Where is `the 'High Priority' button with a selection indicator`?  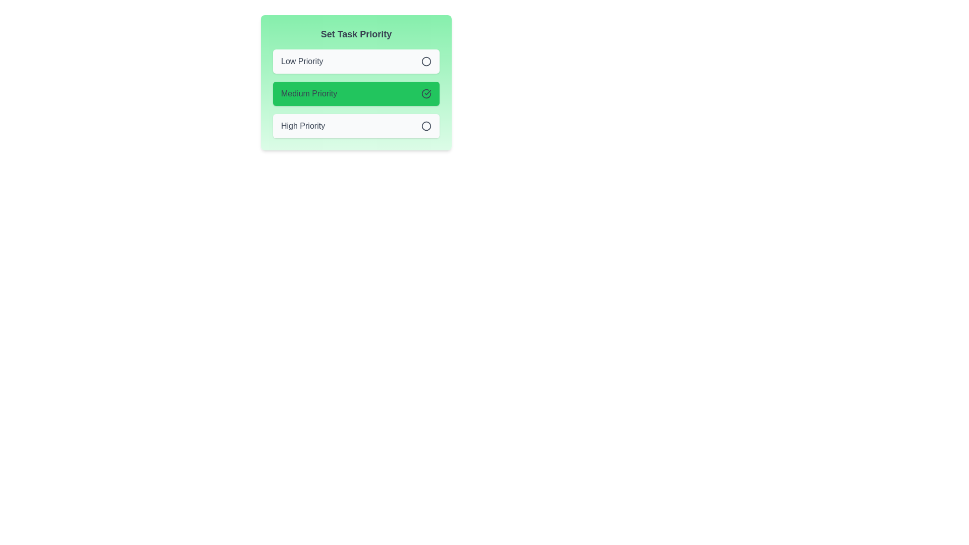 the 'High Priority' button with a selection indicator is located at coordinates (356, 126).